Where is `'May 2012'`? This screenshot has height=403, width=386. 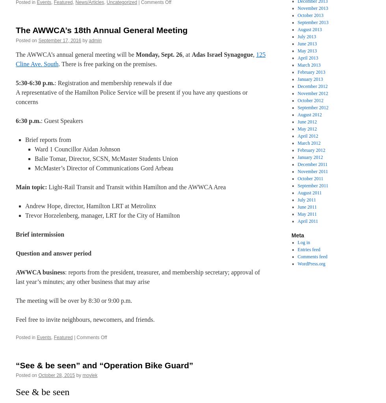 'May 2012' is located at coordinates (307, 129).